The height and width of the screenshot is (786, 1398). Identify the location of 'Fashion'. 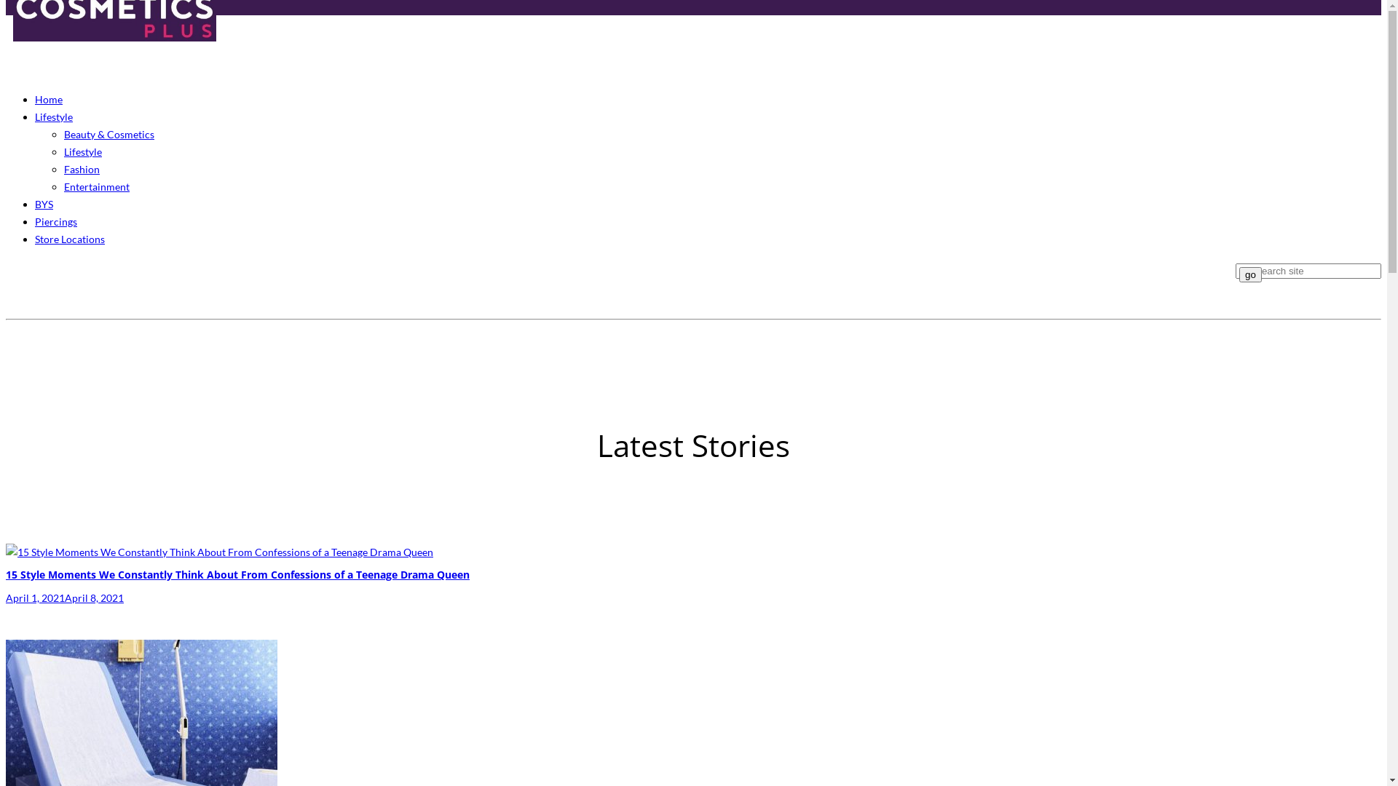
(81, 168).